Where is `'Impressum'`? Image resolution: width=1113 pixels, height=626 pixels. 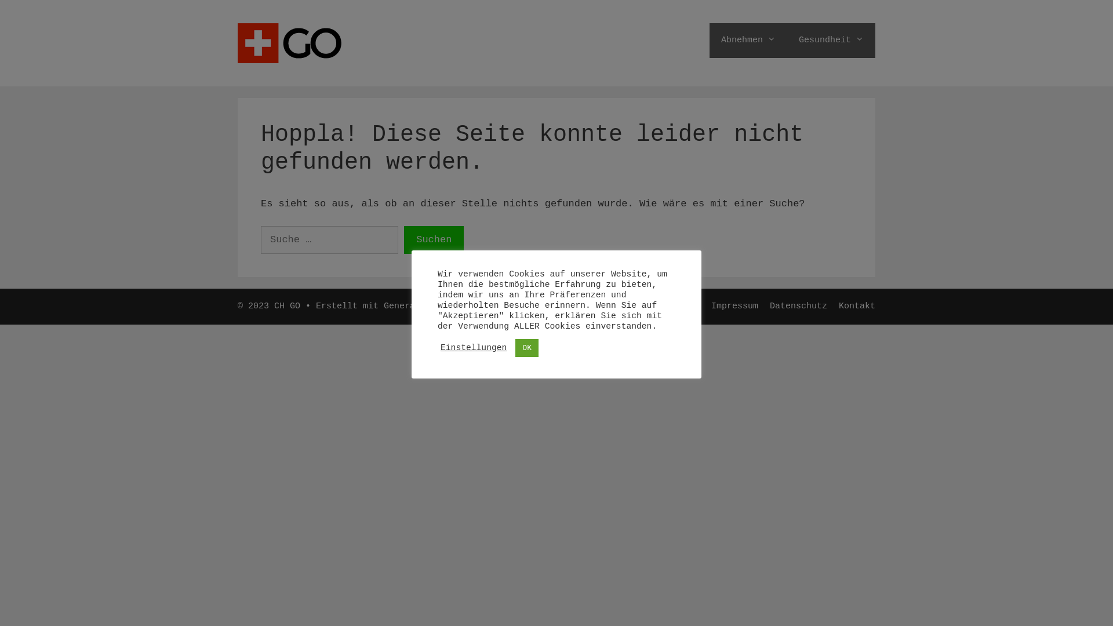 'Impressum' is located at coordinates (734, 305).